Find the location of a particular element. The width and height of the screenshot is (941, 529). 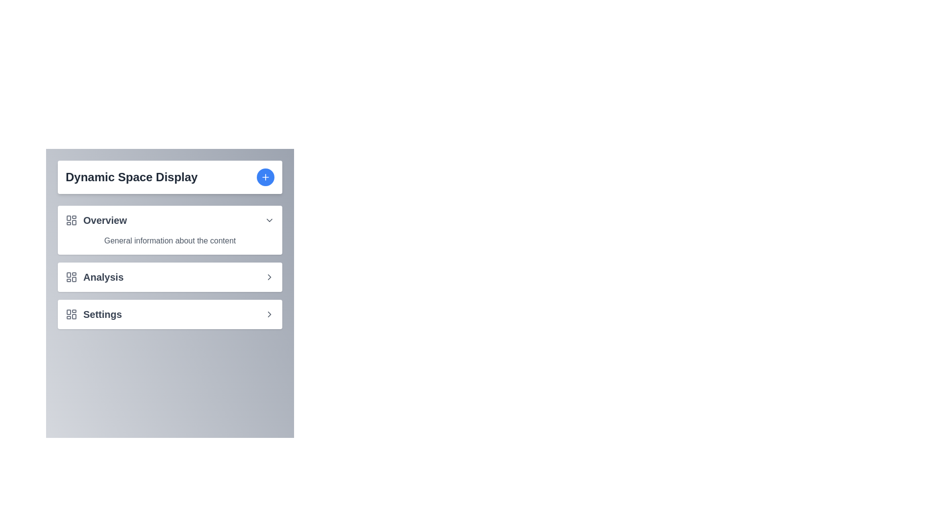

the 'Analysis' navigation element in the sidebar is located at coordinates (95, 277).